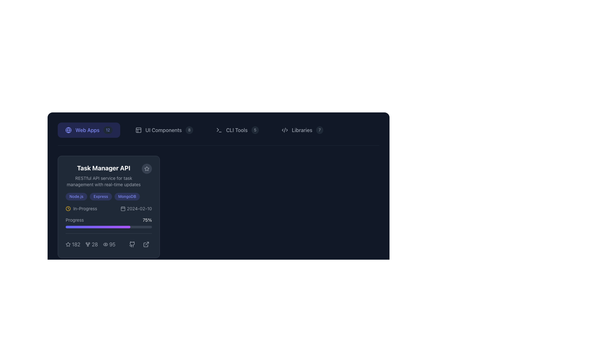 This screenshot has height=342, width=609. What do you see at coordinates (139, 209) in the screenshot?
I see `the static text displaying a date that indicates a deadline or timestamp, located to the right of a small calendar icon within a card-like component` at bounding box center [139, 209].